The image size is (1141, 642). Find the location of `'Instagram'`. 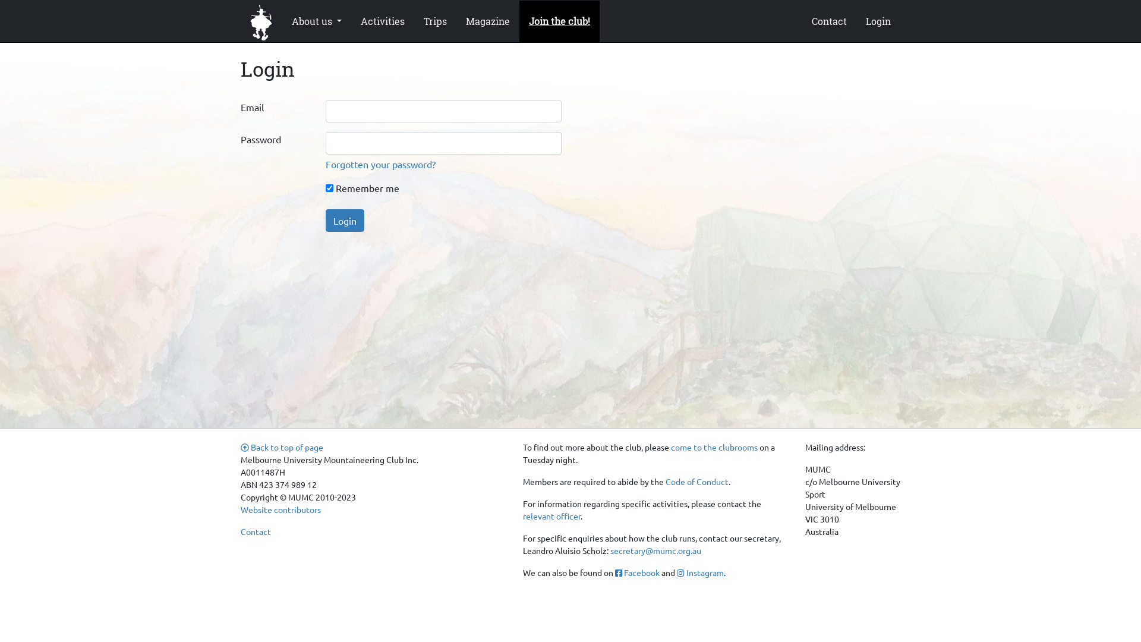

'Instagram' is located at coordinates (699, 572).